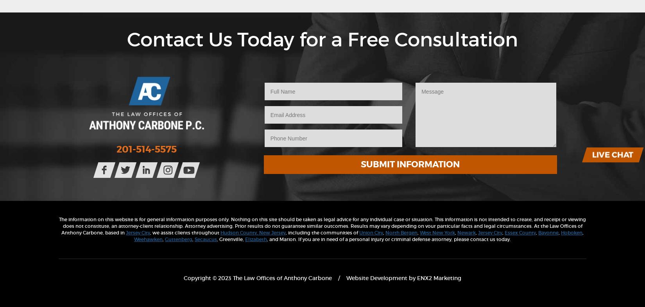 This screenshot has height=307, width=645. I want to click on 'Newark', so click(466, 232).